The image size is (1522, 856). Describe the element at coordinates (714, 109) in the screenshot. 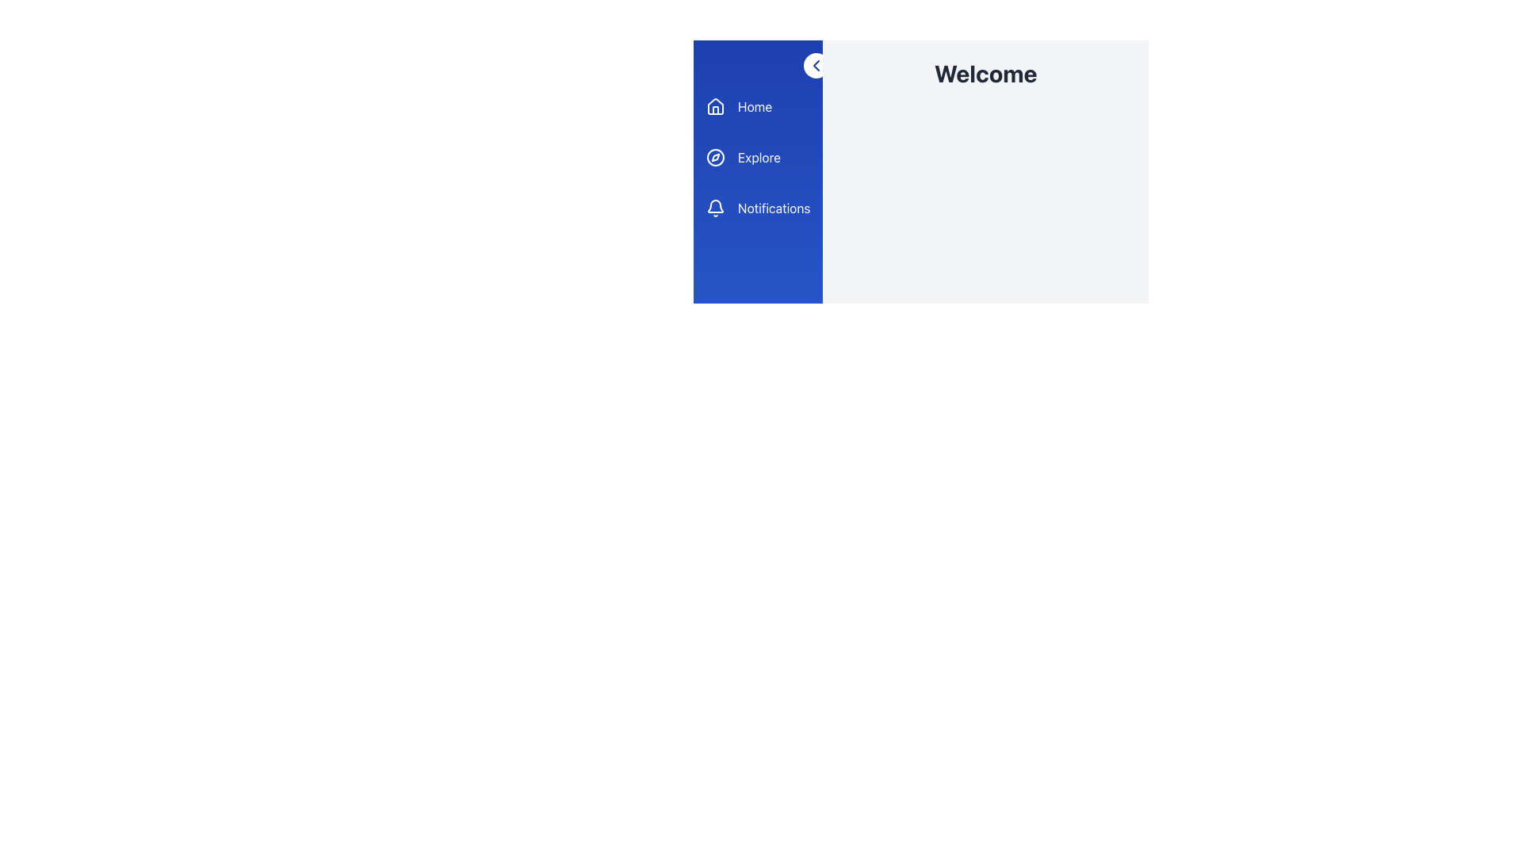

I see `the vertical rectangular segment within the house icon located near the top of the sidebar, which is styled with white outlines against a blue background` at that location.